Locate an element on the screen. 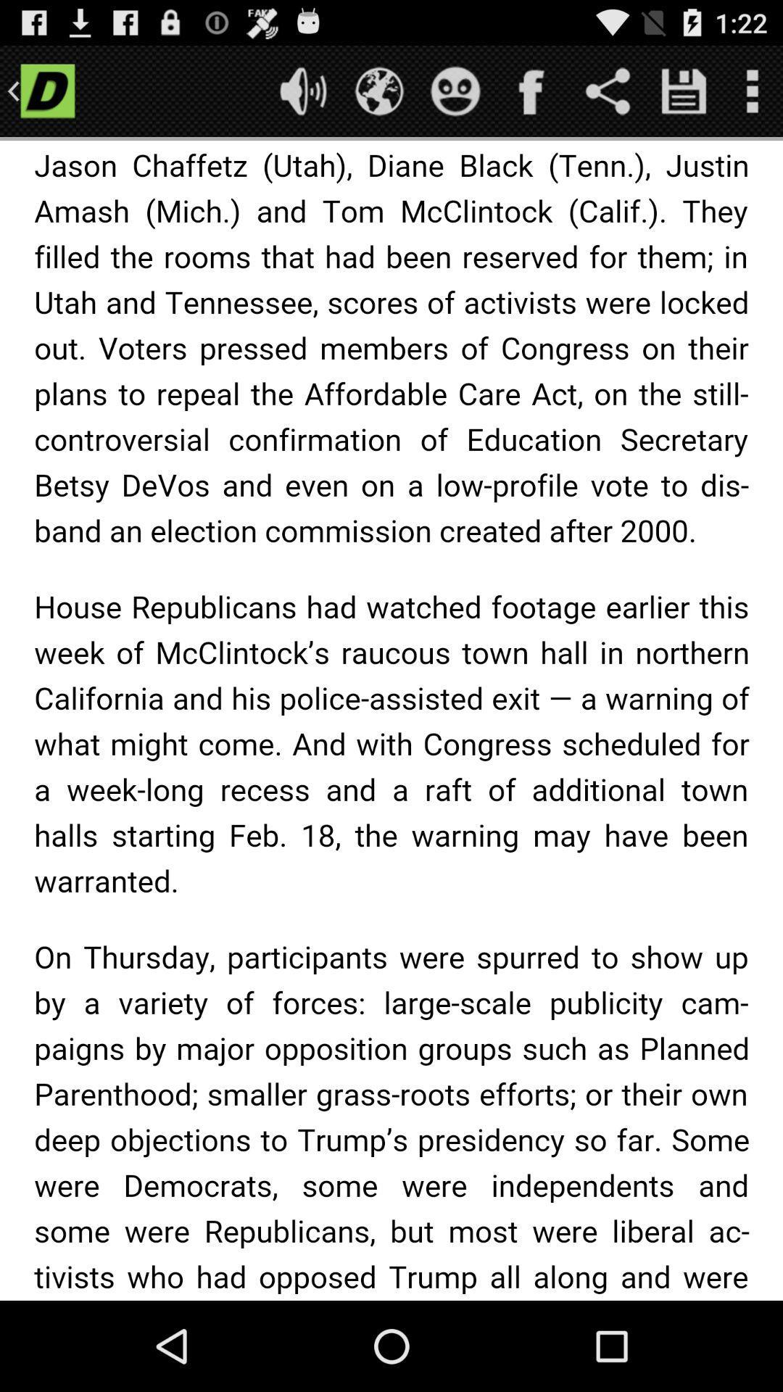  adjust volume is located at coordinates (302, 90).